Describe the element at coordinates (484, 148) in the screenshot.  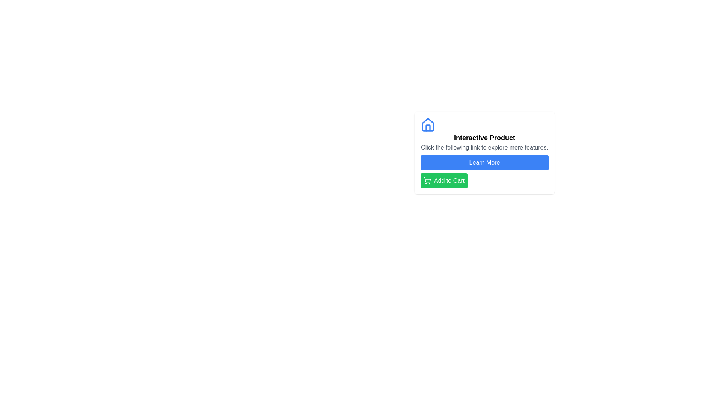
I see `the text element that reads 'Click the following link` at that location.